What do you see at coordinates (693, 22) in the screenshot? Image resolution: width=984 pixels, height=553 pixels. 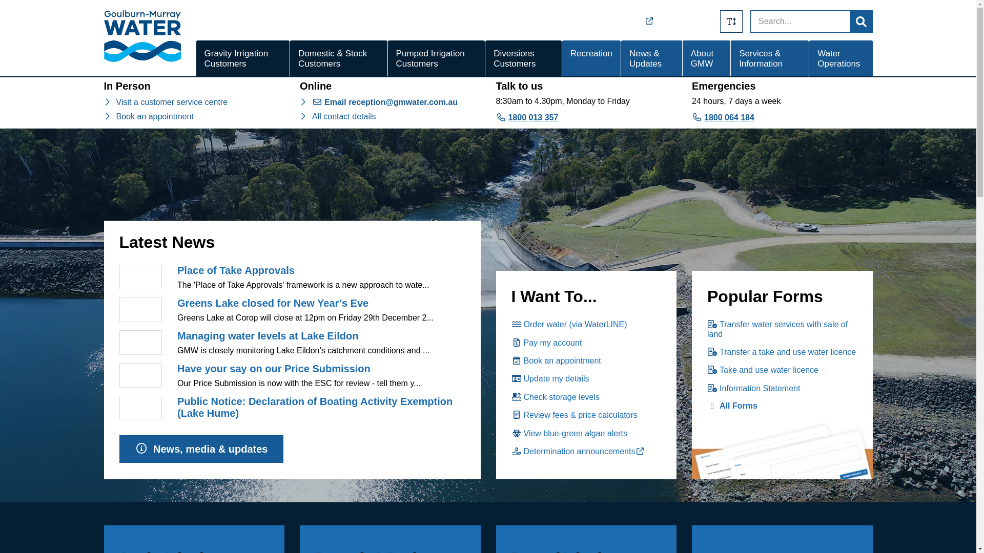 I see `'Contact Us'` at bounding box center [693, 22].